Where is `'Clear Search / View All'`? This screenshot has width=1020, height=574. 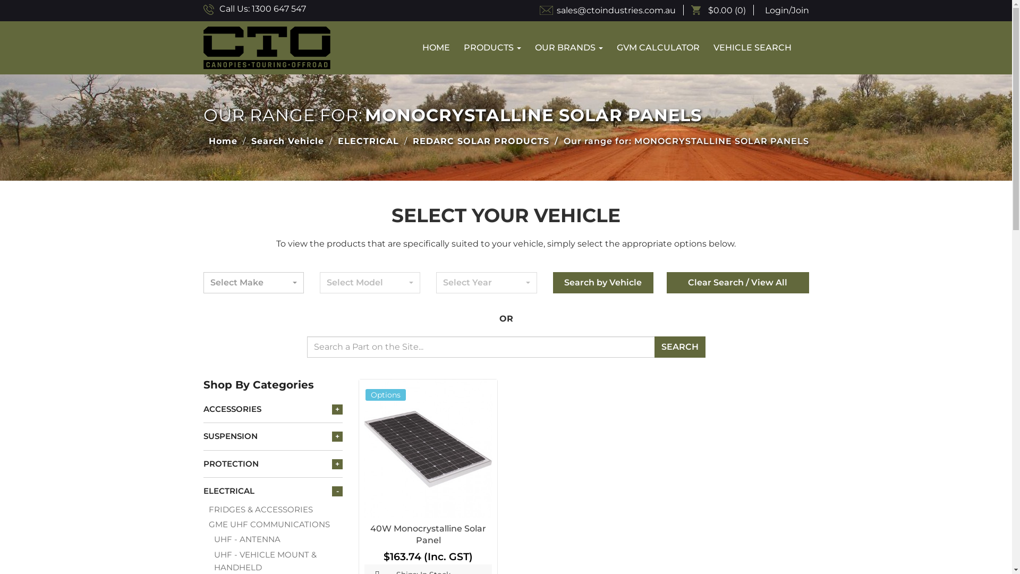 'Clear Search / View All' is located at coordinates (737, 282).